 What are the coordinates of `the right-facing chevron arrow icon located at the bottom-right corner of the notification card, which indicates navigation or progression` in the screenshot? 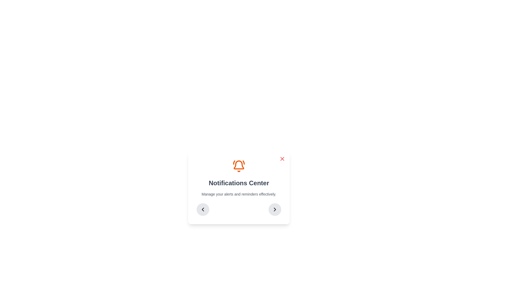 It's located at (275, 209).